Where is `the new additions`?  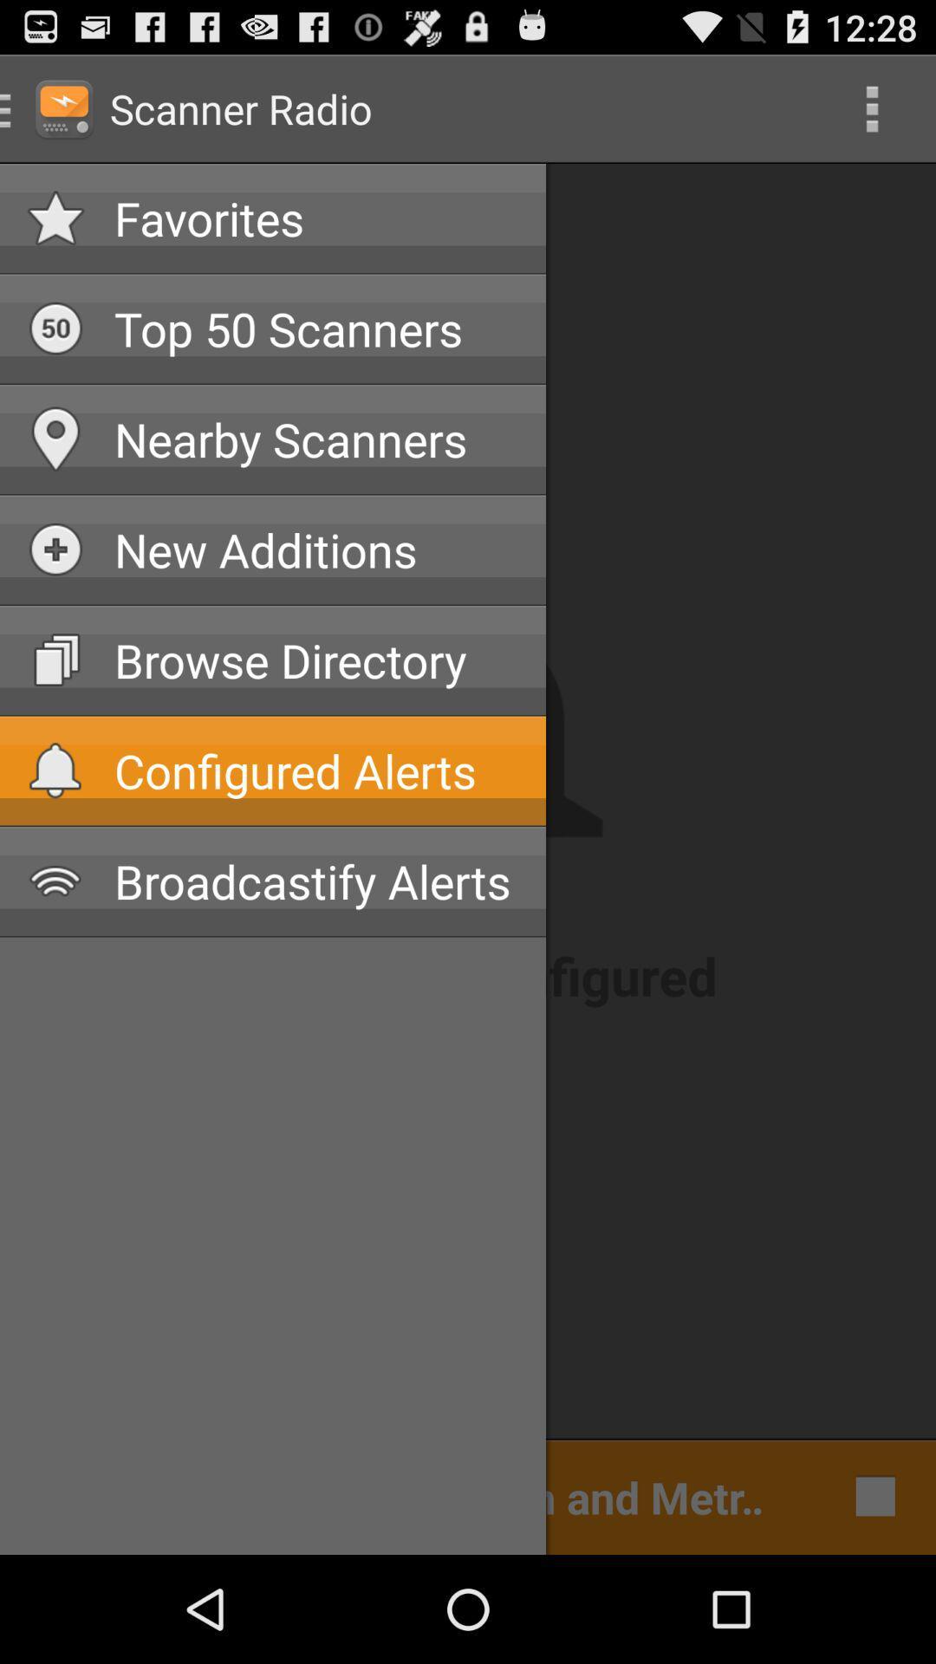
the new additions is located at coordinates (316, 549).